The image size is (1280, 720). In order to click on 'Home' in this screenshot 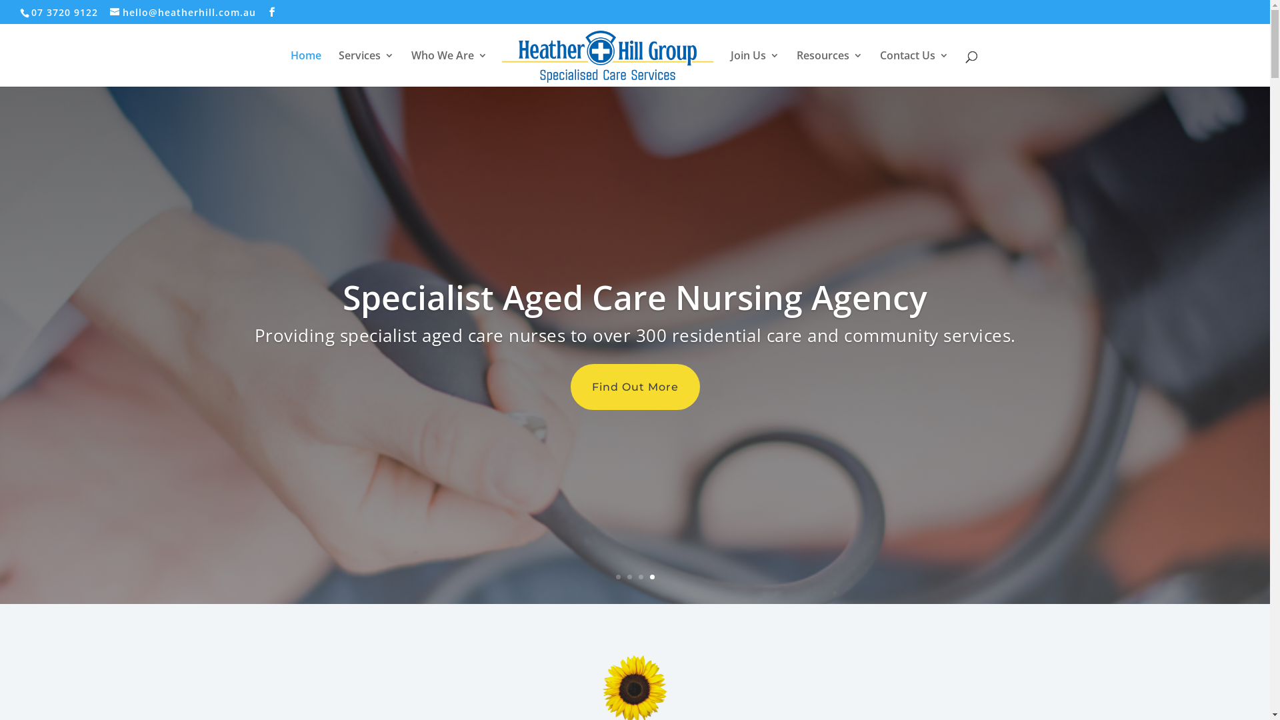, I will do `click(305, 69)`.